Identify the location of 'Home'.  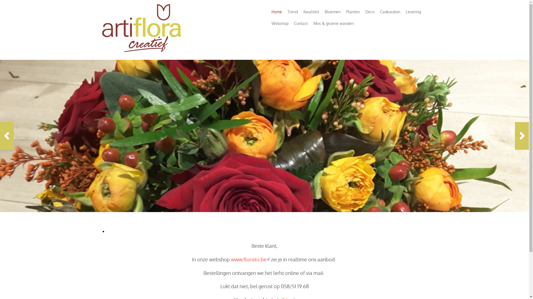
(142, 54).